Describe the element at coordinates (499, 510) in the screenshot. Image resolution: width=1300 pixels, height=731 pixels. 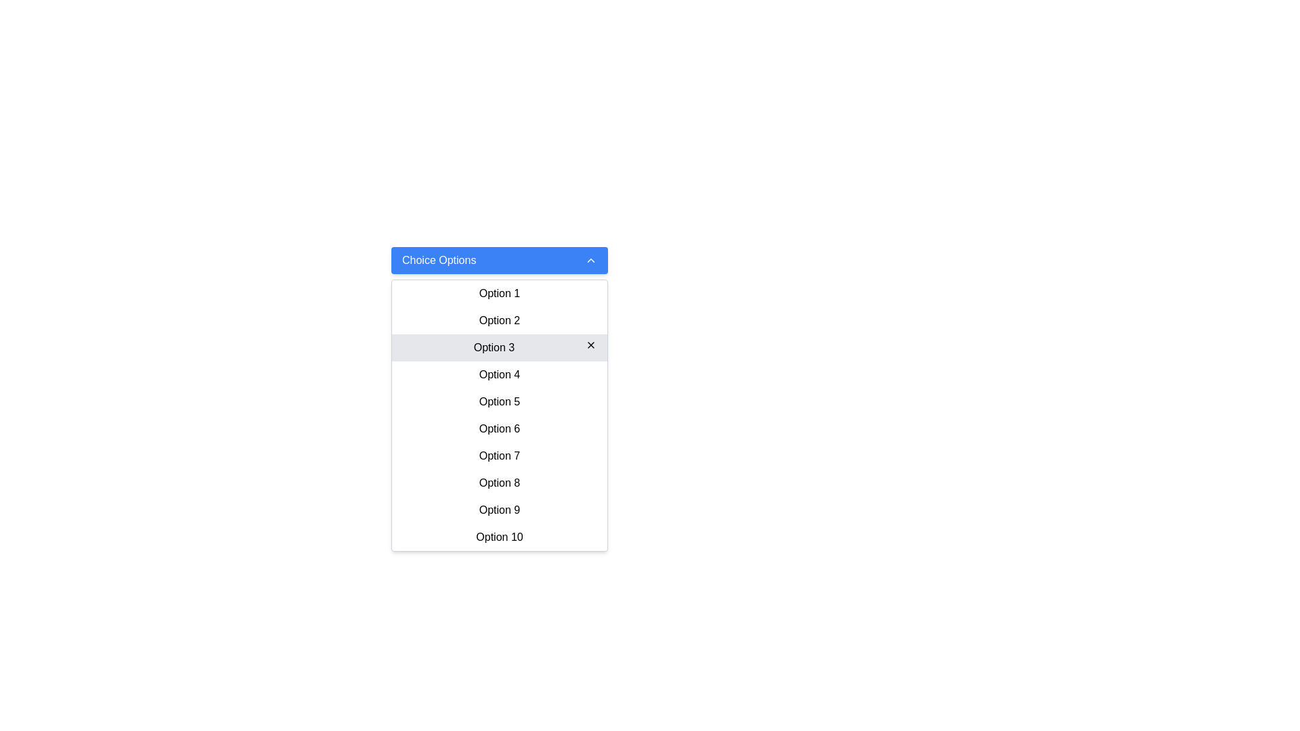
I see `the selectable list item for 'Option 9' in the dropdown menu using keyboard navigation` at that location.